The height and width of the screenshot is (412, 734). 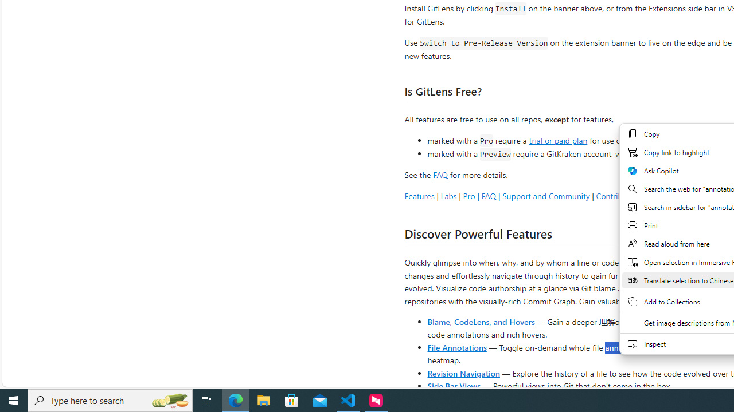 I want to click on 'Blame, CodeLens, and Hovers', so click(x=481, y=321).